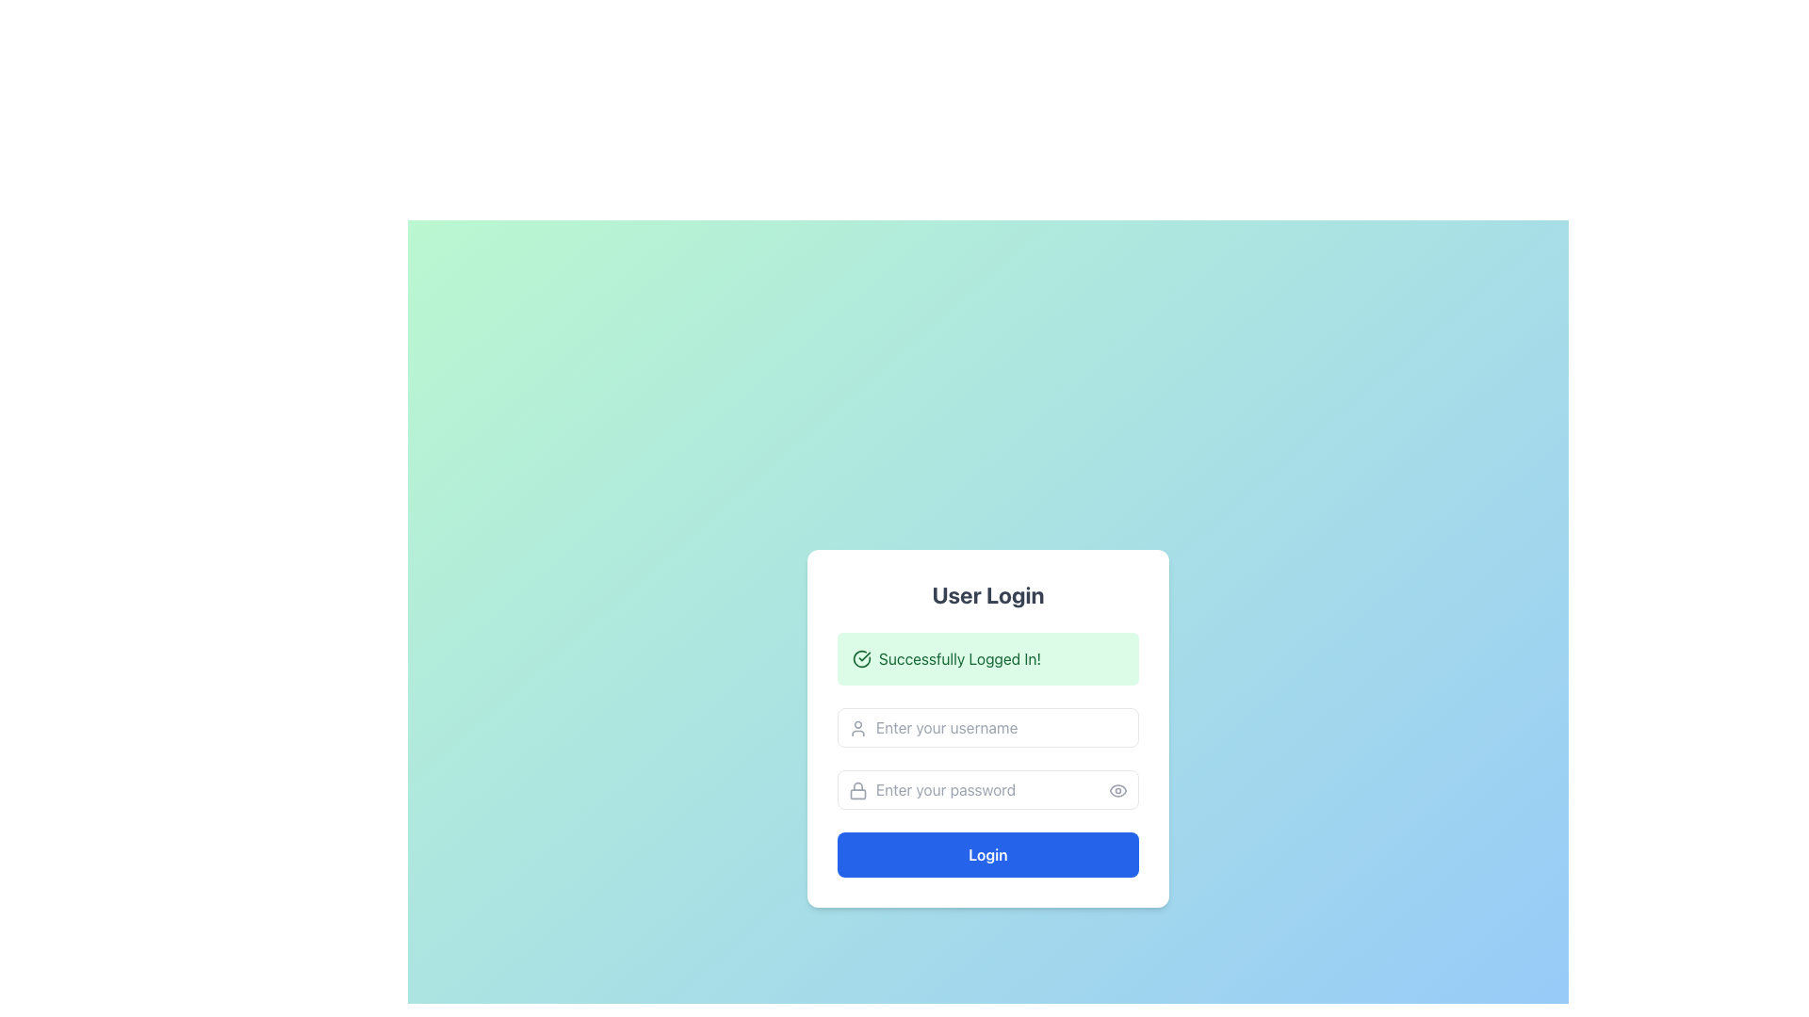 The width and height of the screenshot is (1809, 1017). I want to click on the button in the top-right corner of the password input field, so click(1117, 791).